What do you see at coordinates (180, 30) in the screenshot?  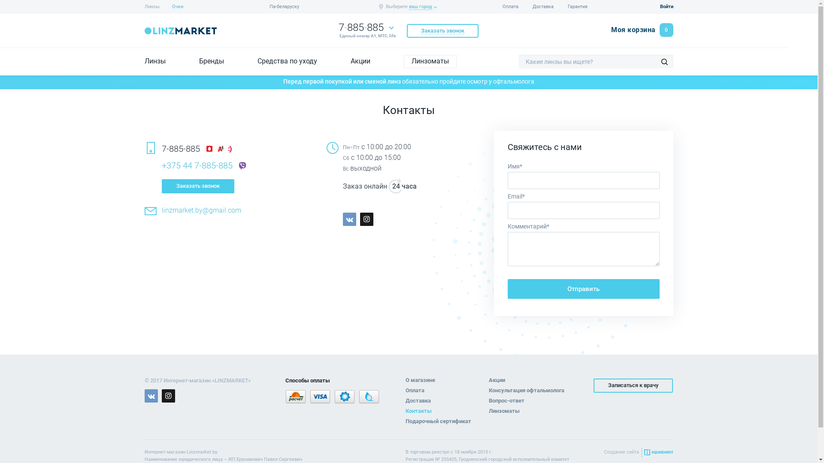 I see `'Linzmarket'` at bounding box center [180, 30].